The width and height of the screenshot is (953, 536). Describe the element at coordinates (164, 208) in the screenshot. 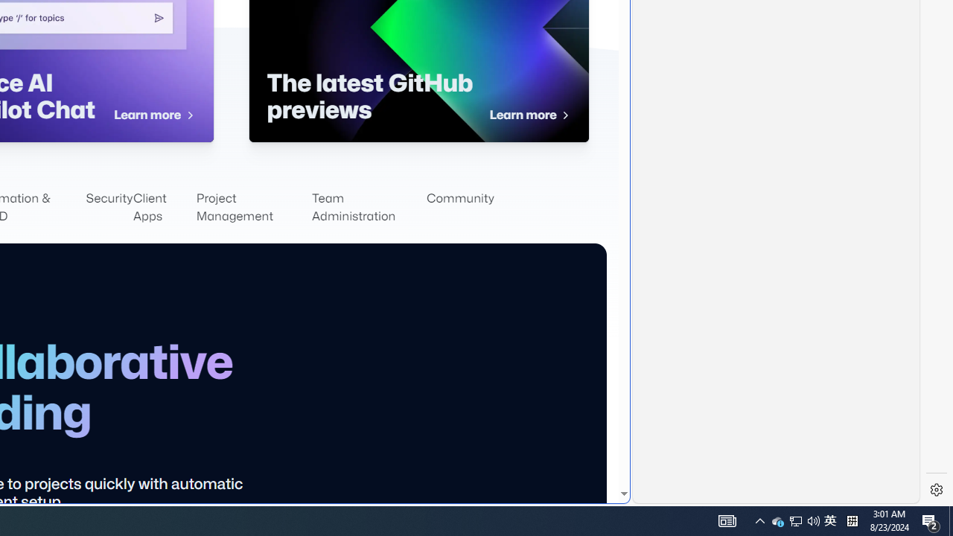

I see `'Client Apps'` at that location.